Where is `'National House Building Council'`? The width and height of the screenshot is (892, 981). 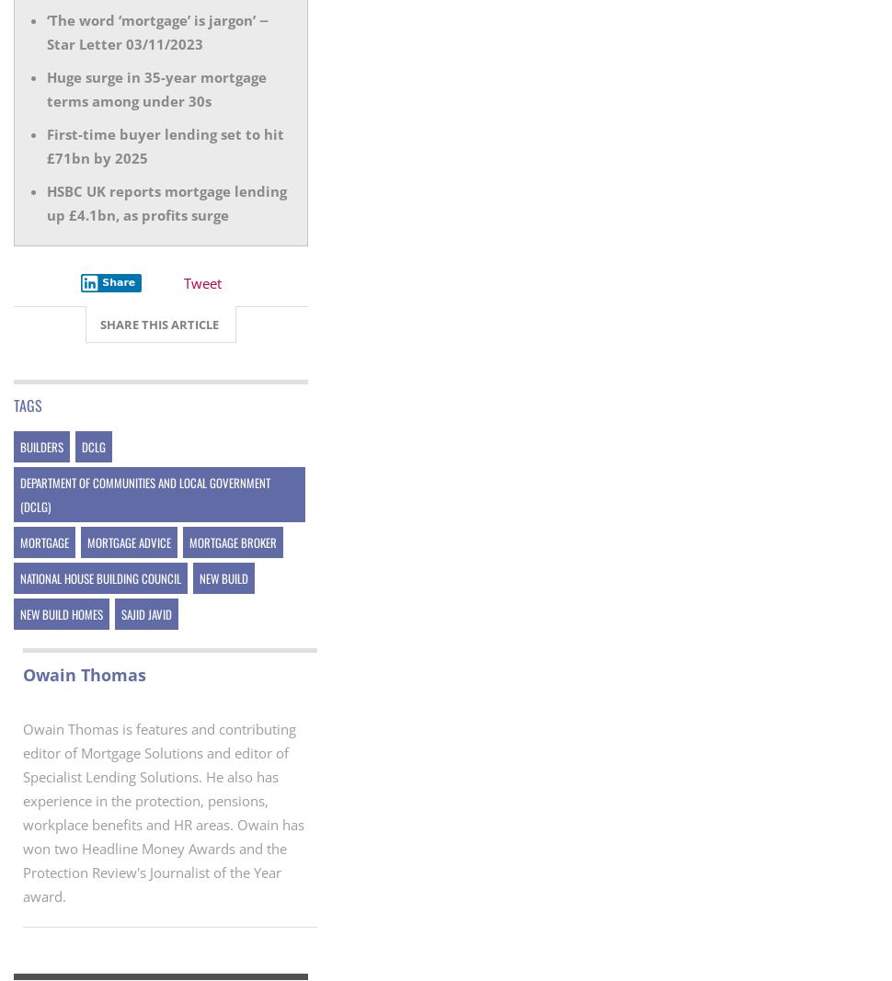
'National House Building Council' is located at coordinates (100, 577).